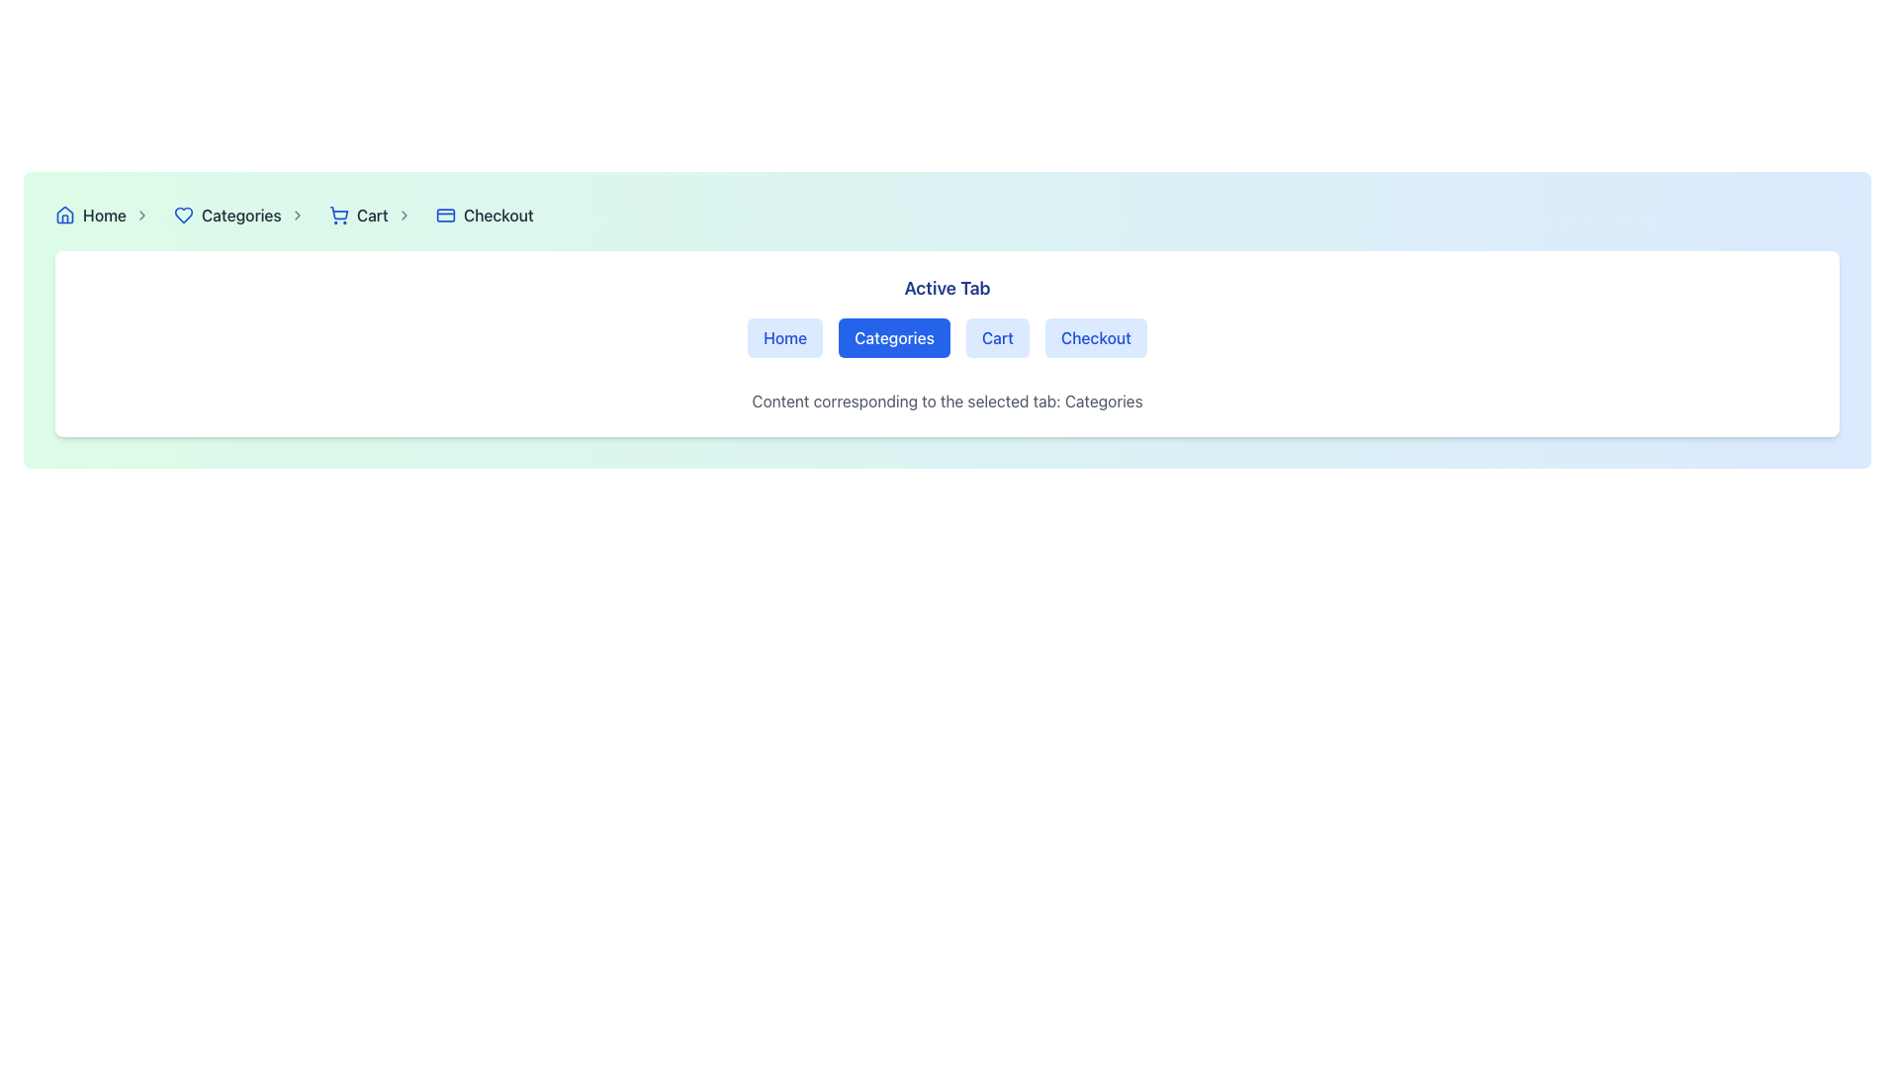  I want to click on the text link located to the right of the house icon in the navigation bar, so click(103, 216).